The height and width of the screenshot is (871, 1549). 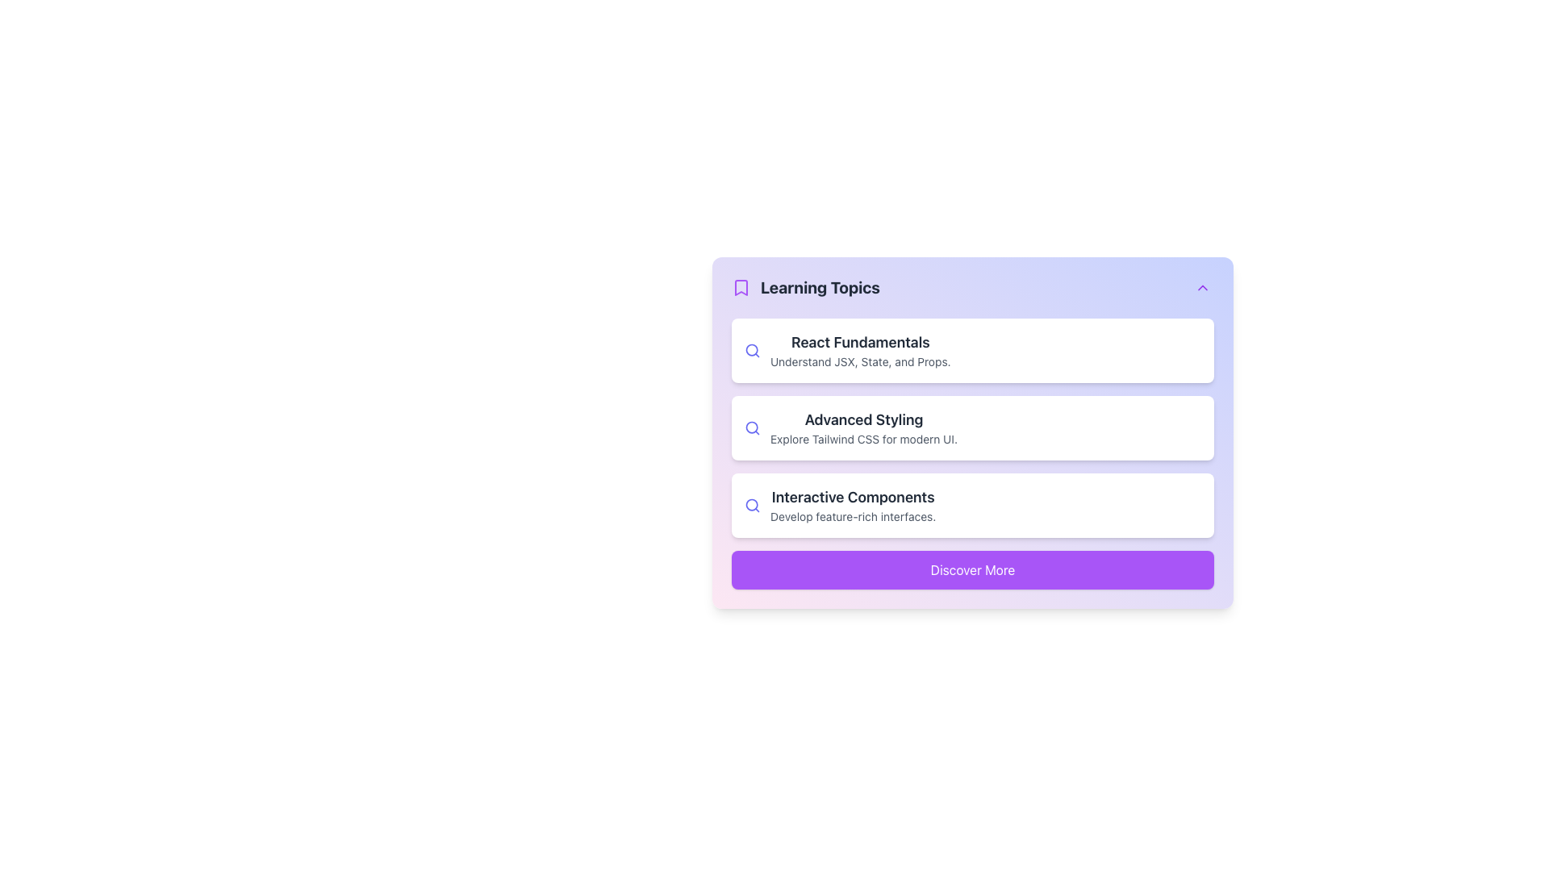 What do you see at coordinates (852, 505) in the screenshot?
I see `the Descriptive Text Block that displays 'Interactive Components' and 'Develop feature-rich interfaces', which is the third item in a vertically stacked list under the 'Learning Topics' heading` at bounding box center [852, 505].